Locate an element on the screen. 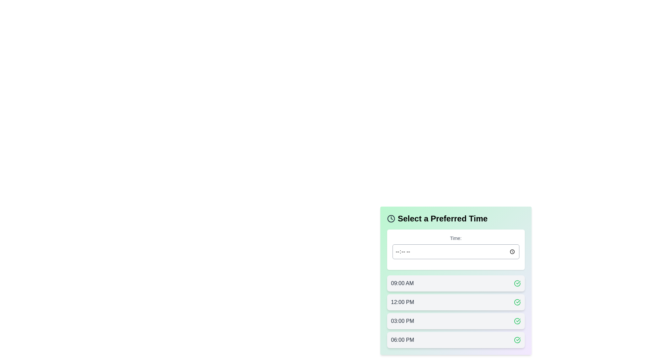 The image size is (648, 364). the status represented by the confirmation icon located at the far right of the row displaying '06:00 PM' is located at coordinates (517, 340).